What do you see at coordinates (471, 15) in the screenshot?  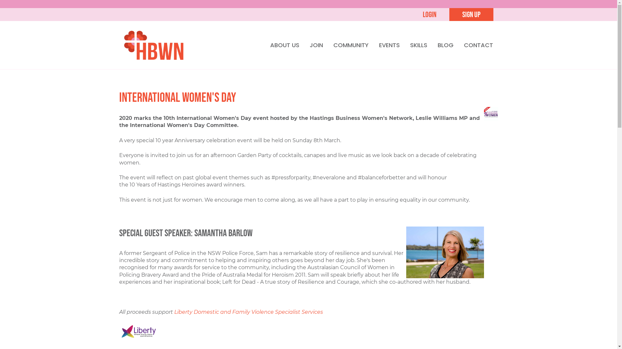 I see `'Sign up'` at bounding box center [471, 15].